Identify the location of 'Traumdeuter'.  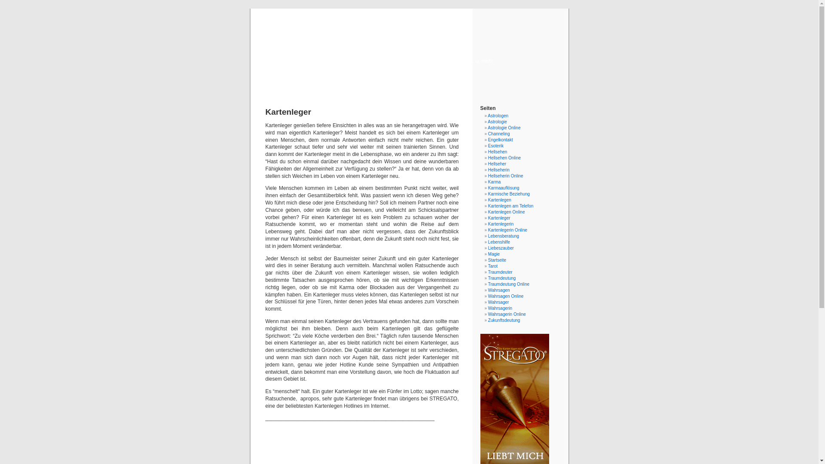
(500, 272).